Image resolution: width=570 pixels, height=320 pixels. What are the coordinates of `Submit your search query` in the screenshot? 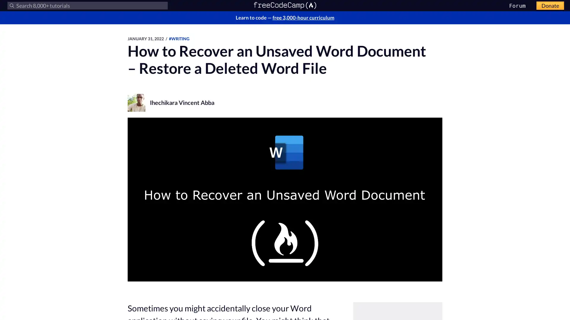 It's located at (12, 6).